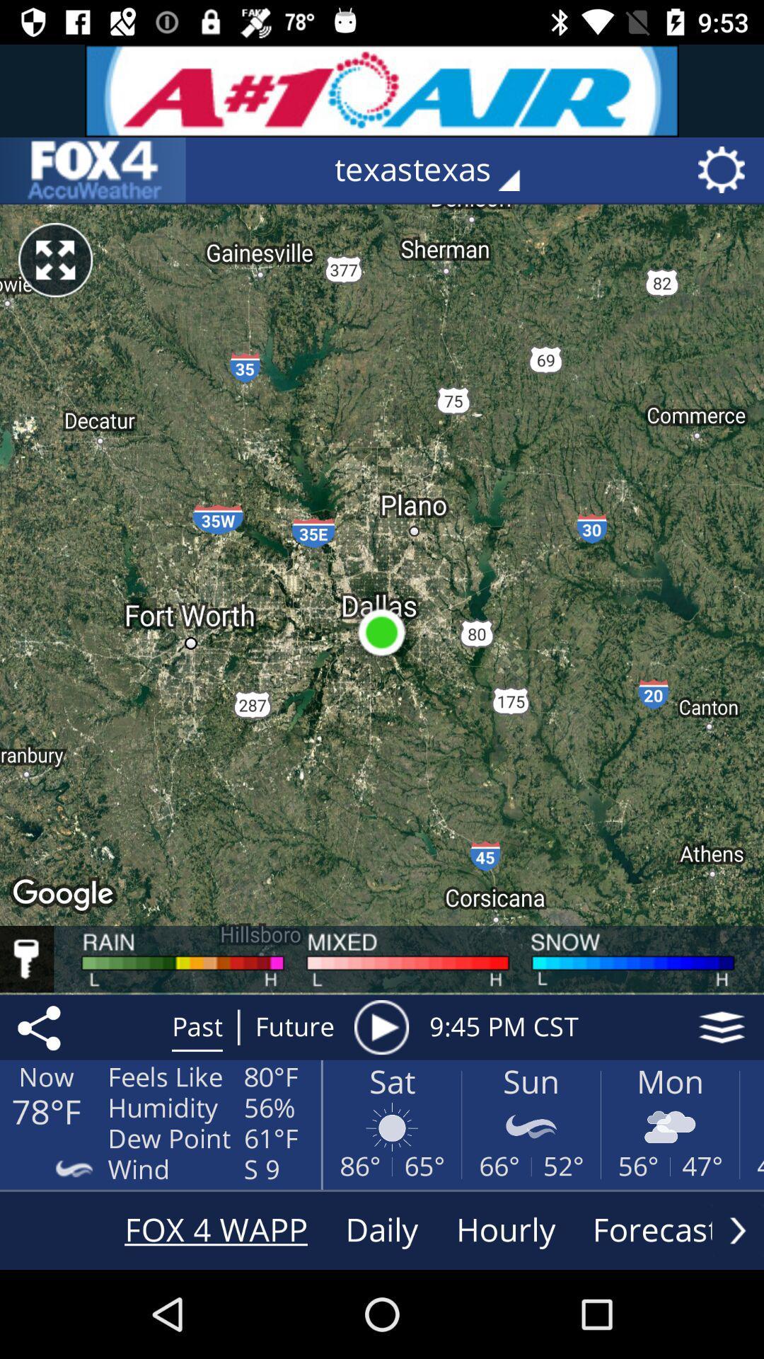  Describe the element at coordinates (722, 1027) in the screenshot. I see `the layers icon` at that location.